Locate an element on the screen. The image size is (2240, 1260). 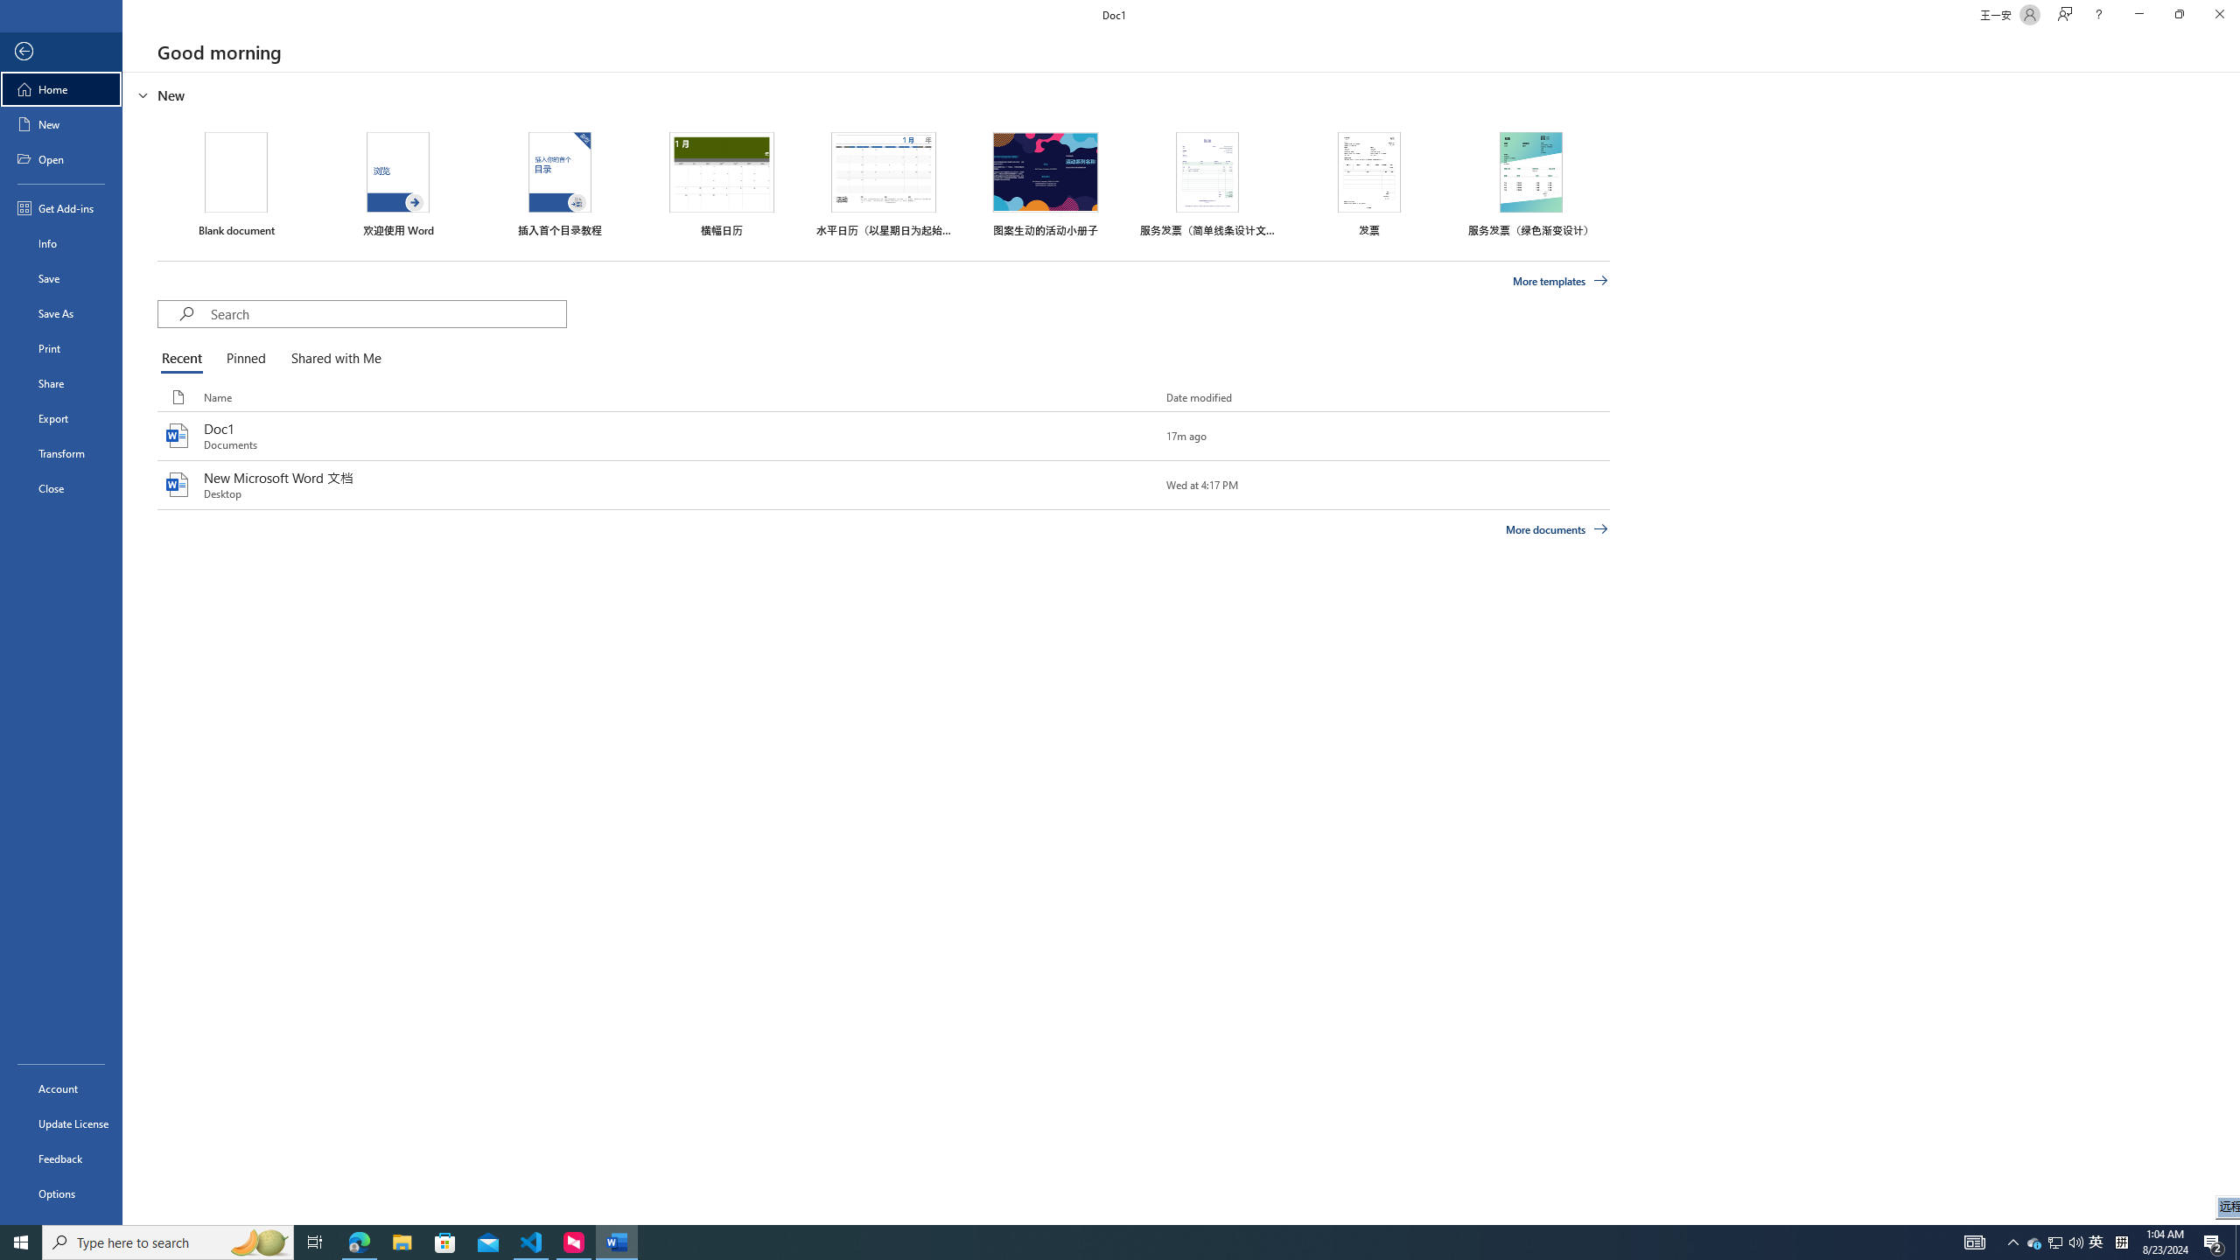
'Hide or show region' is located at coordinates (143, 94).